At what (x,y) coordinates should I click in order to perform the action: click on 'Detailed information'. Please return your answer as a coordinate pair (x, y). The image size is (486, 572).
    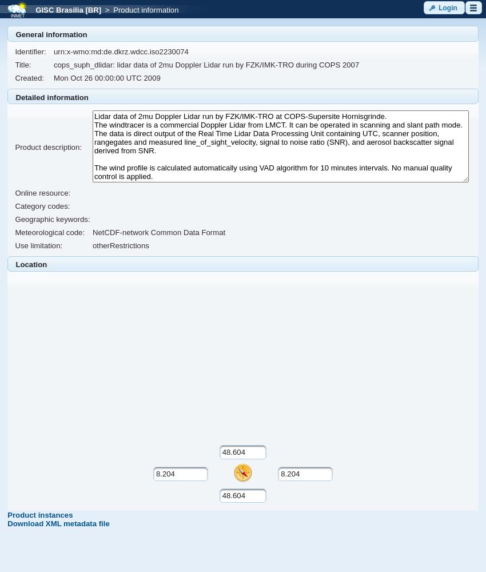
    Looking at the image, I should click on (51, 97).